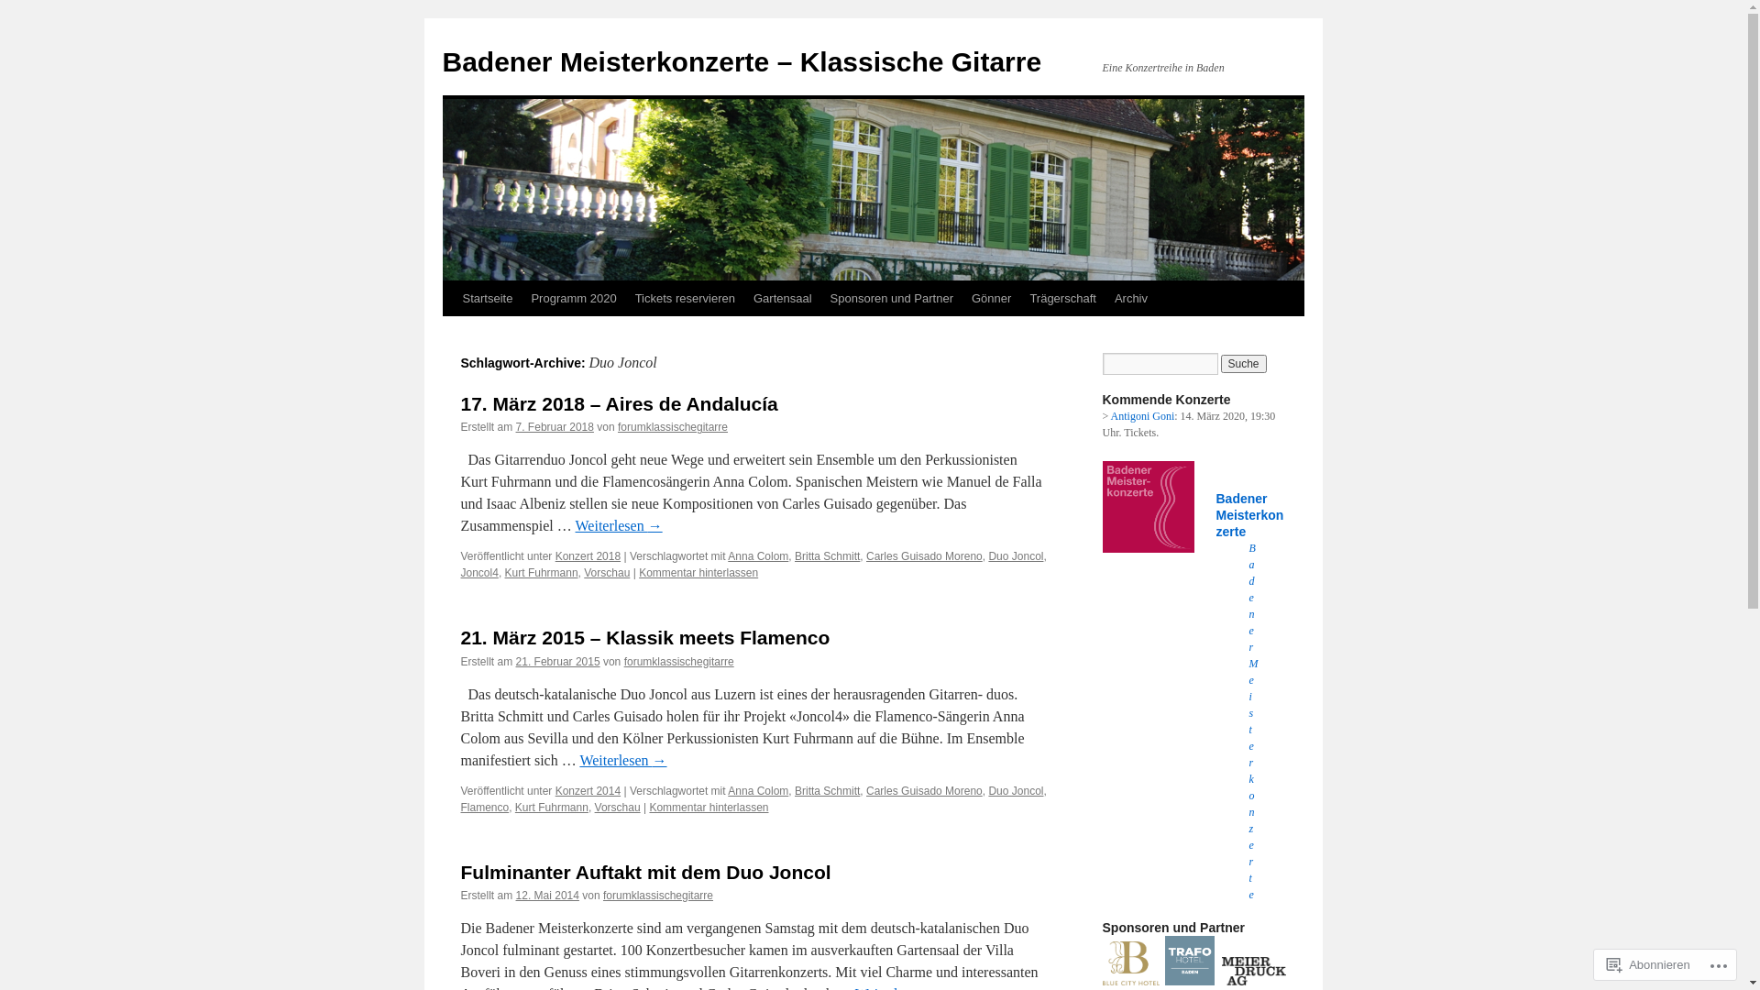 The image size is (1760, 990). Describe the element at coordinates (1142, 416) in the screenshot. I see `'Antigoni Goni'` at that location.